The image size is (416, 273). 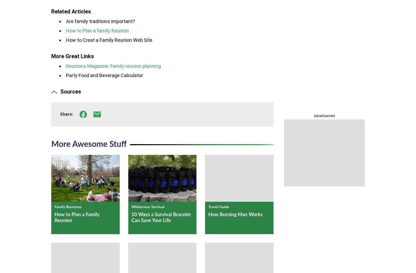 What do you see at coordinates (131, 207) in the screenshot?
I see `'Wilderness Survival'` at bounding box center [131, 207].